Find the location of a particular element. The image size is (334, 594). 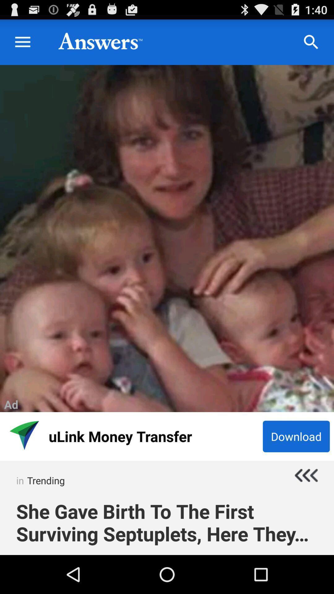

the navigation icon is located at coordinates (24, 467).